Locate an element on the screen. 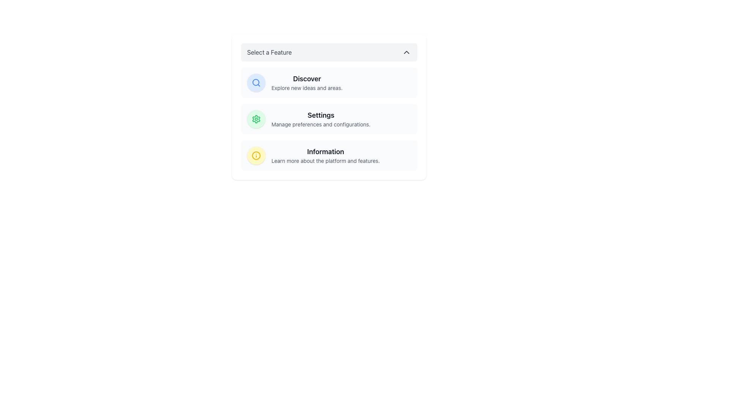 The height and width of the screenshot is (410, 729). the second item in the vertical list titled 'Select a Feature' that allows access to settings and preferences is located at coordinates (329, 119).